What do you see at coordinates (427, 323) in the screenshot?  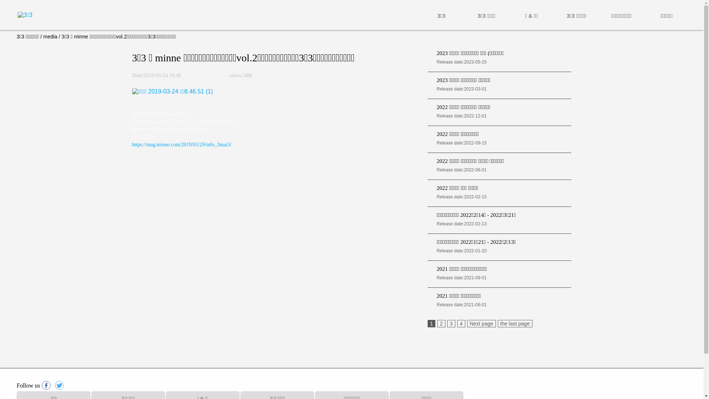 I see `'1'` at bounding box center [427, 323].